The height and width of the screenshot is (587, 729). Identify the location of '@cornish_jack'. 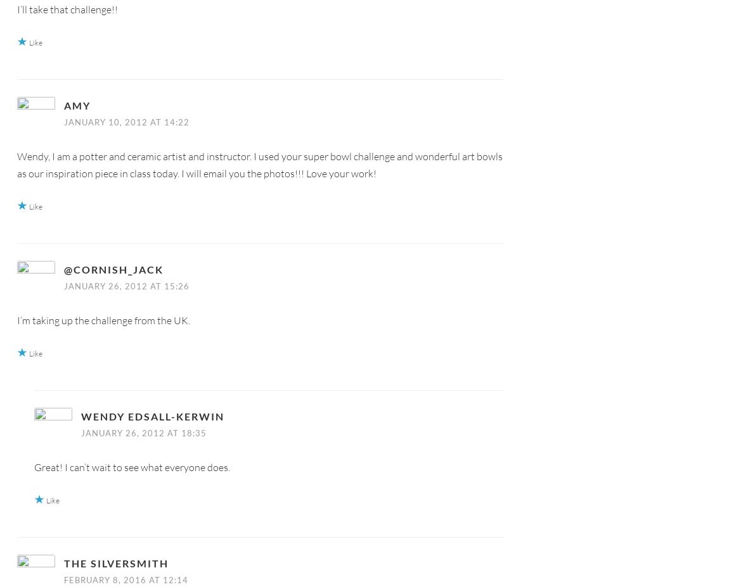
(113, 268).